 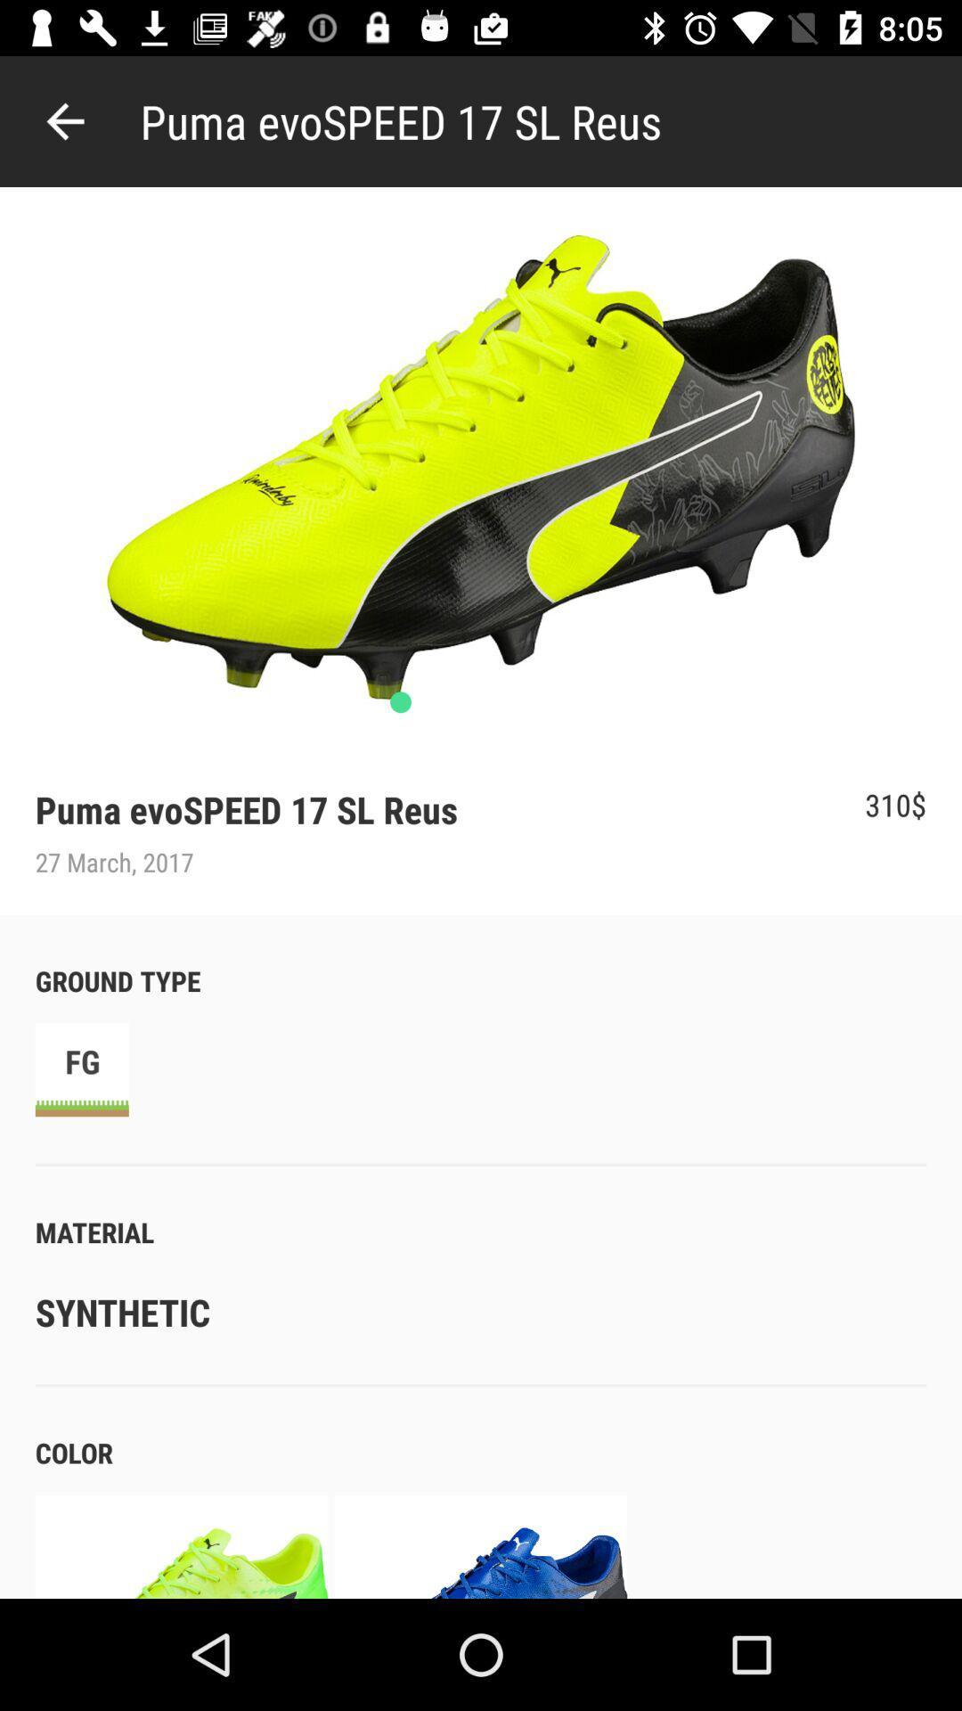 I want to click on item next to the puma evospeed 17 item, so click(x=64, y=120).